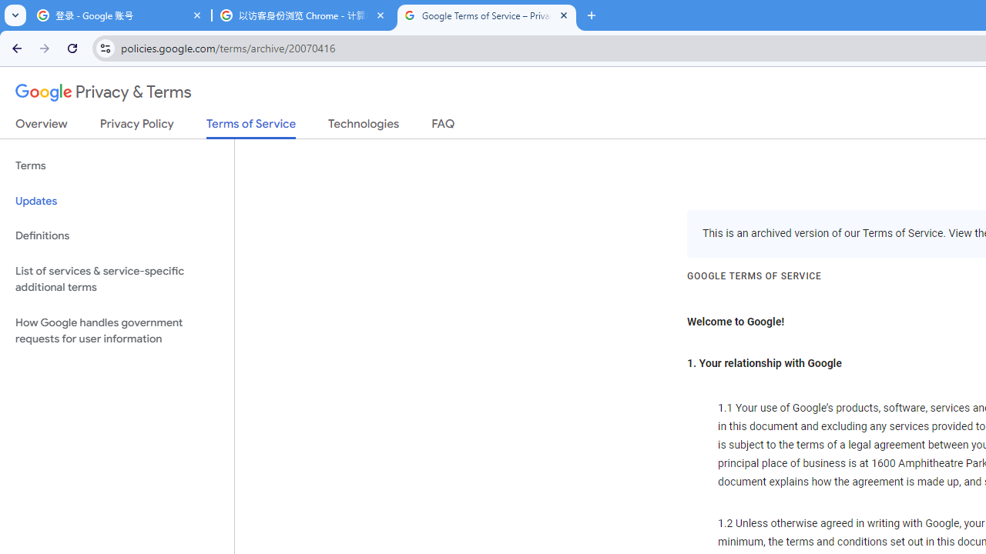 The width and height of the screenshot is (986, 554). Describe the element at coordinates (116, 329) in the screenshot. I see `'How Google handles government requests for user information'` at that location.